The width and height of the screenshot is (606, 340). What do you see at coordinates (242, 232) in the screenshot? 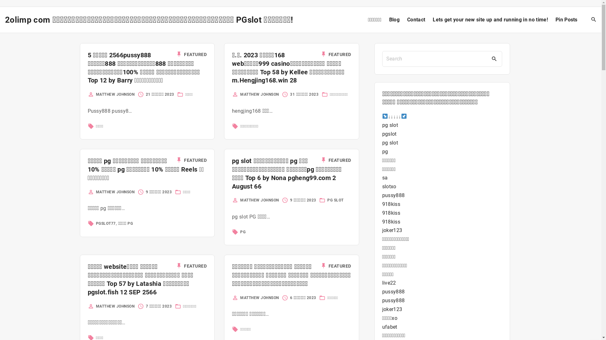
I see `'PG'` at bounding box center [242, 232].